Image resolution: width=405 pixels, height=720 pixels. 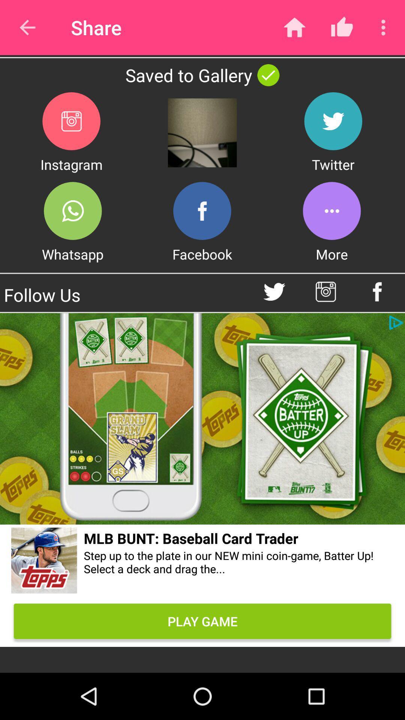 I want to click on whatsapp button, so click(x=73, y=210).